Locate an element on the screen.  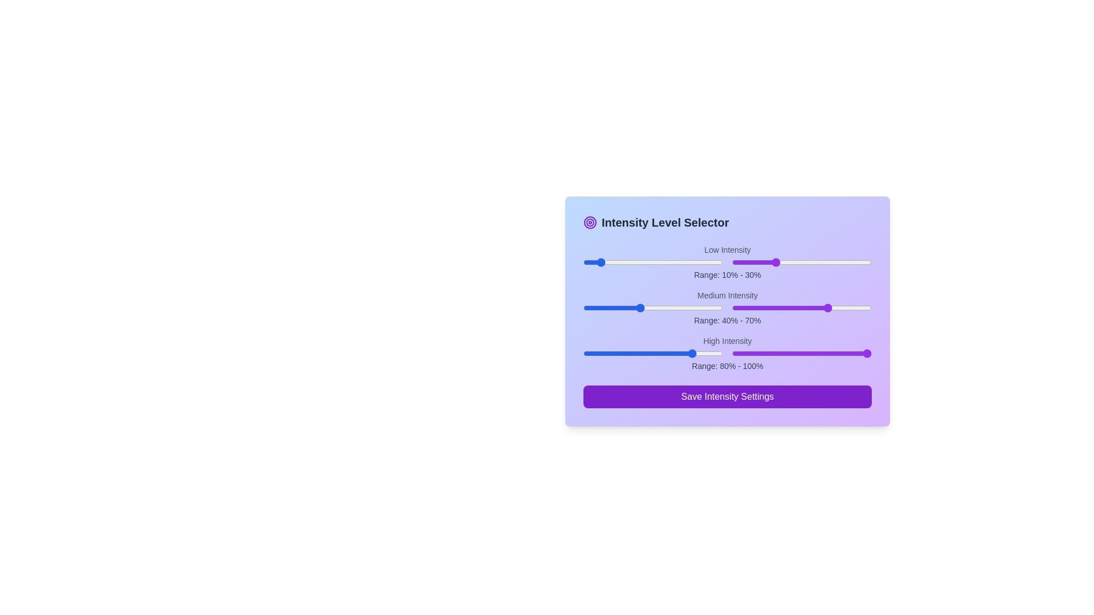
'Save Intensity Settings' button to save the changes is located at coordinates (726, 396).